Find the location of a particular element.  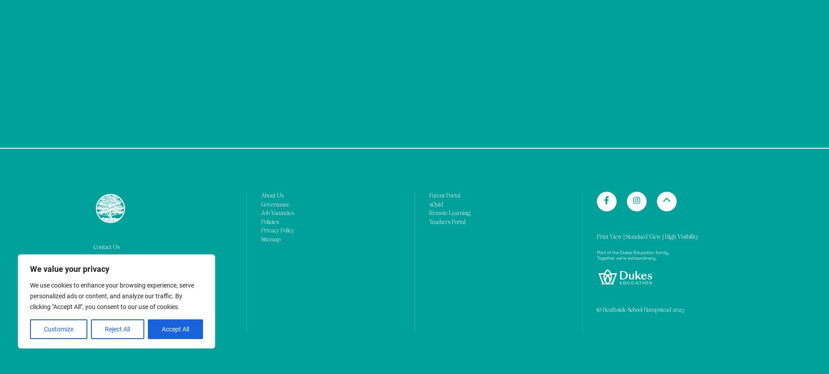

'We value your privacy' is located at coordinates (69, 50).